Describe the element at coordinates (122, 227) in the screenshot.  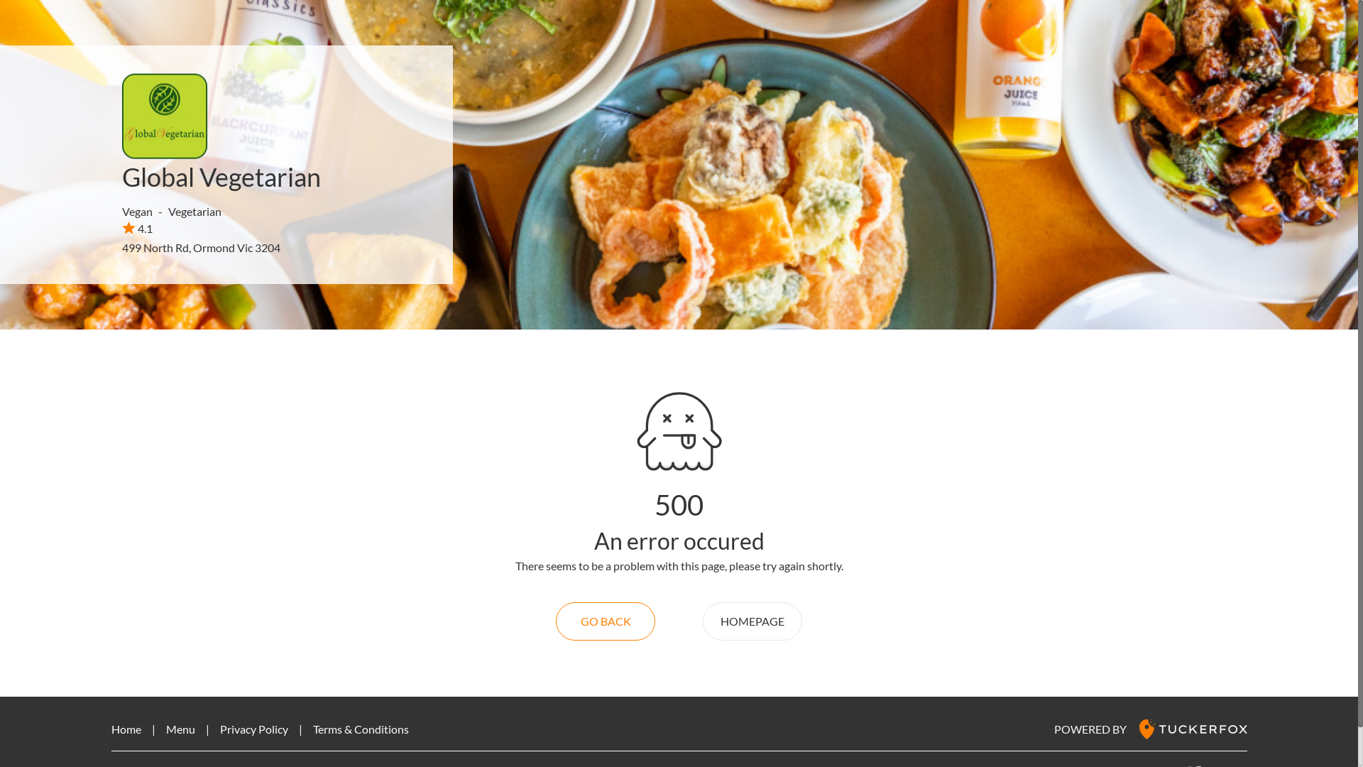
I see `'4.1'` at that location.